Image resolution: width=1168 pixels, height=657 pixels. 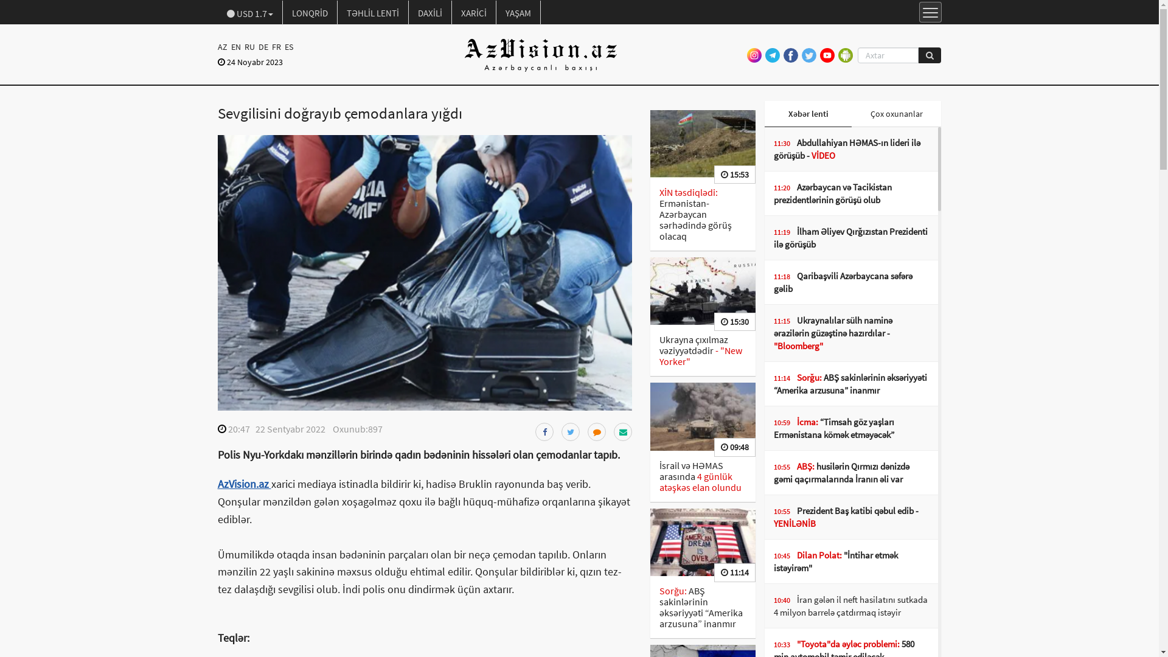 What do you see at coordinates (244, 483) in the screenshot?
I see `'AzVision.az'` at bounding box center [244, 483].